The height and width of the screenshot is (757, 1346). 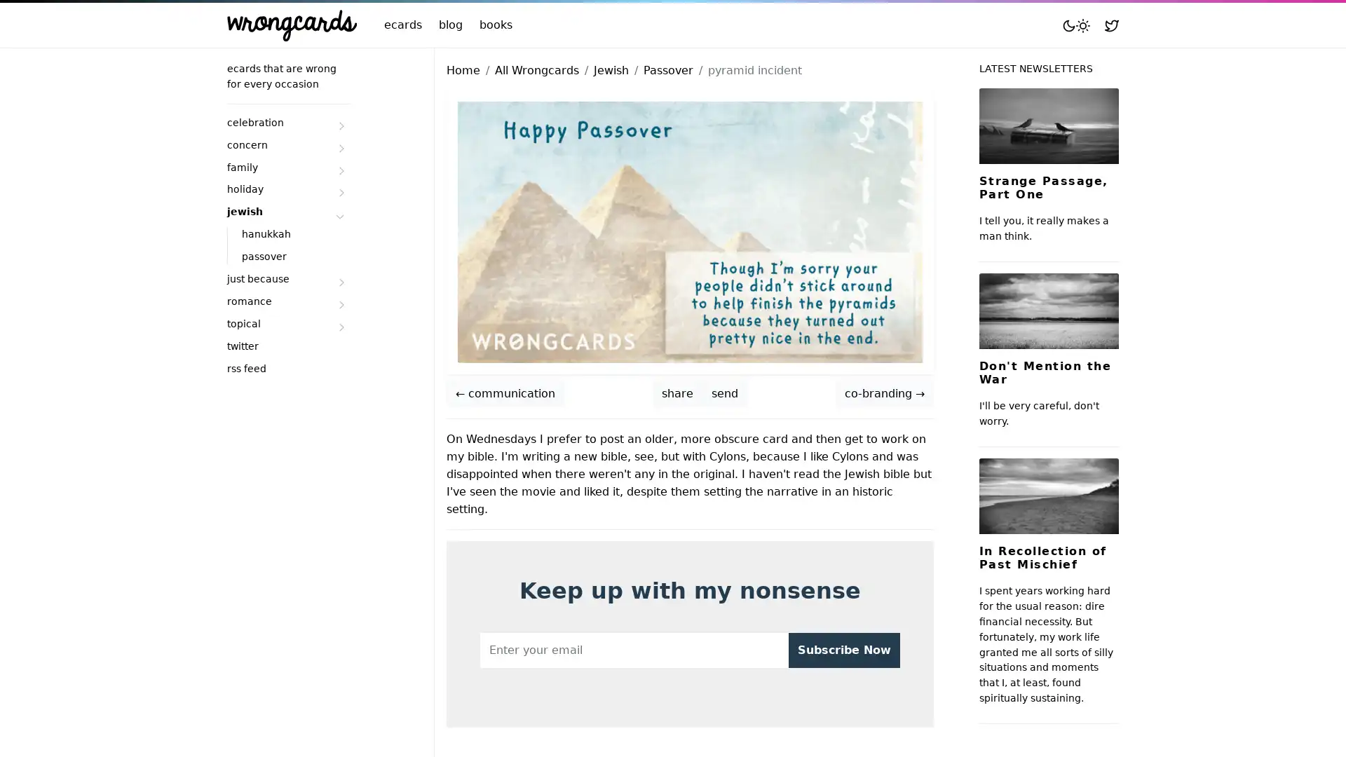 I want to click on Toggle mode, so click(x=1075, y=25).